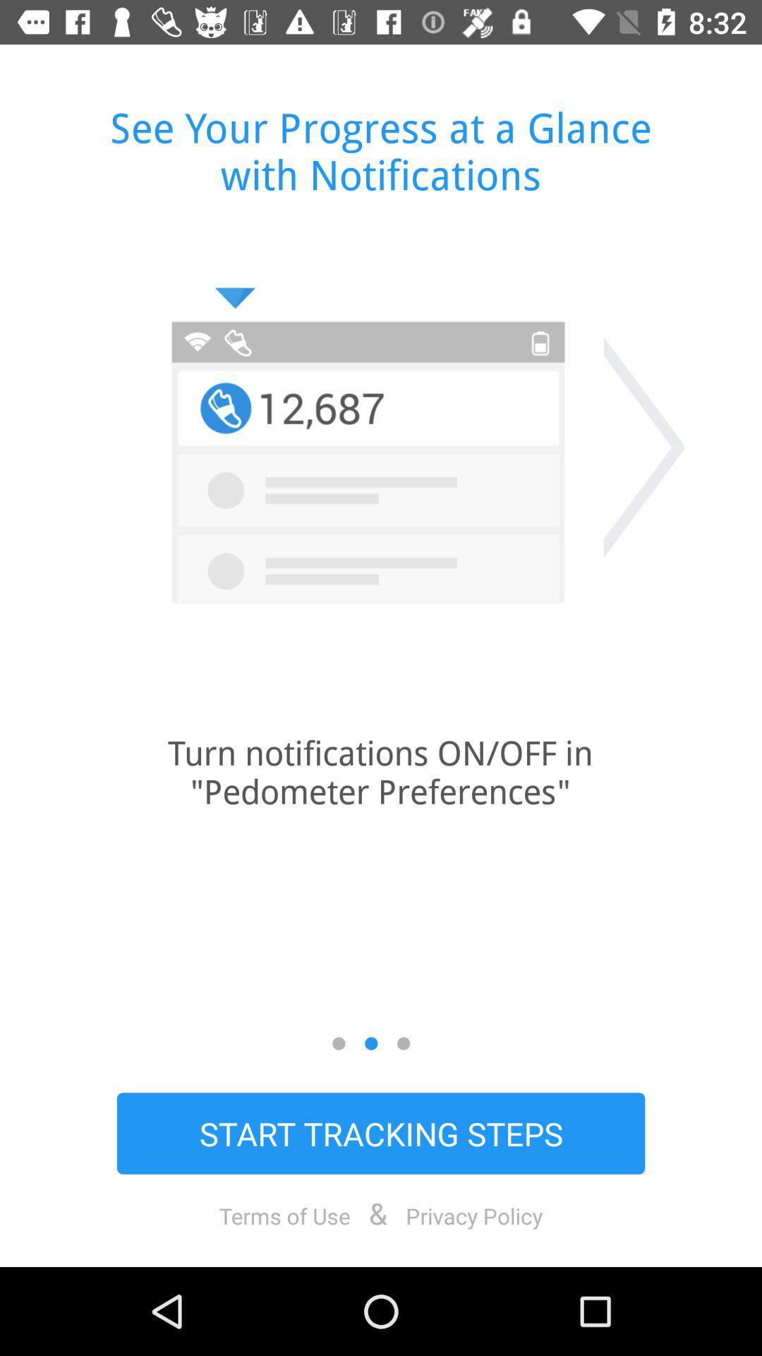  I want to click on icon below start tracking steps item, so click(284, 1215).